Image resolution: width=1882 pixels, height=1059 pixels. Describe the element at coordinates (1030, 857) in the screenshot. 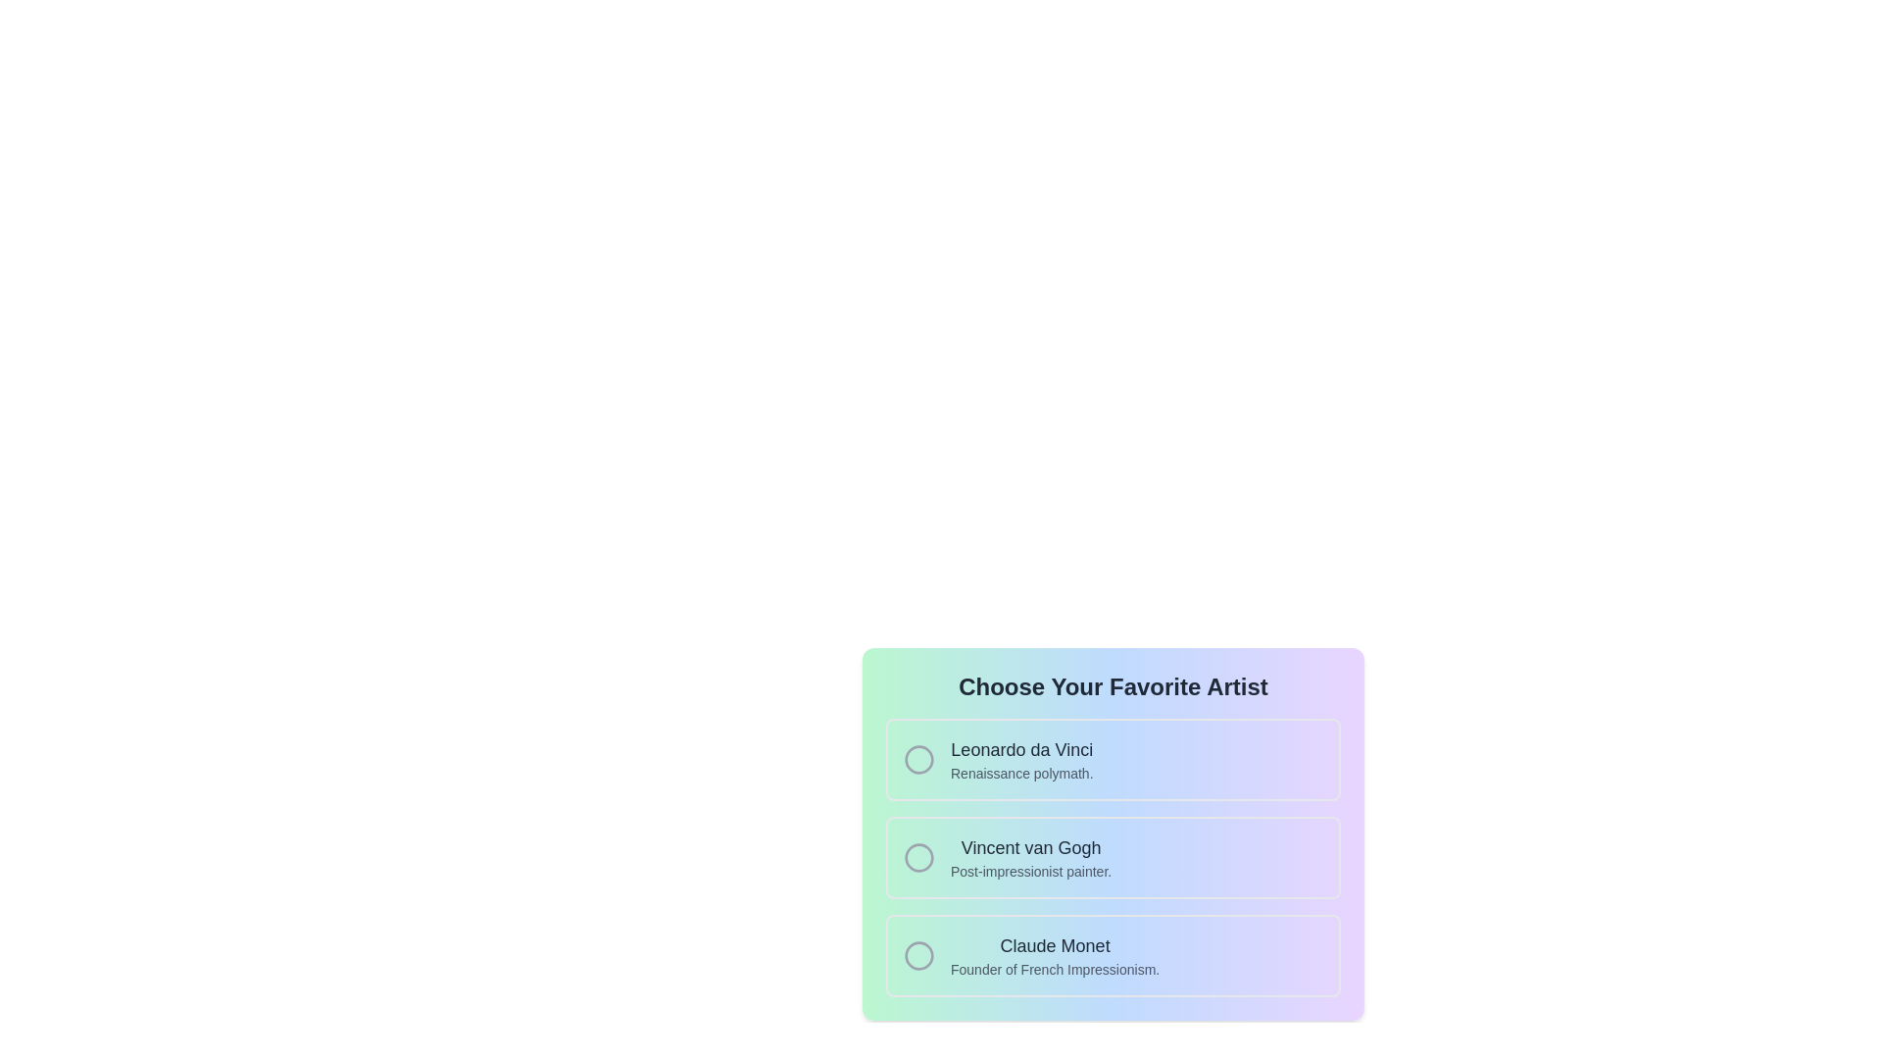

I see `information displayed in the text block about the artist located below the 'Leonardo da Vinci' element and above the 'Claude Monet' element` at that location.